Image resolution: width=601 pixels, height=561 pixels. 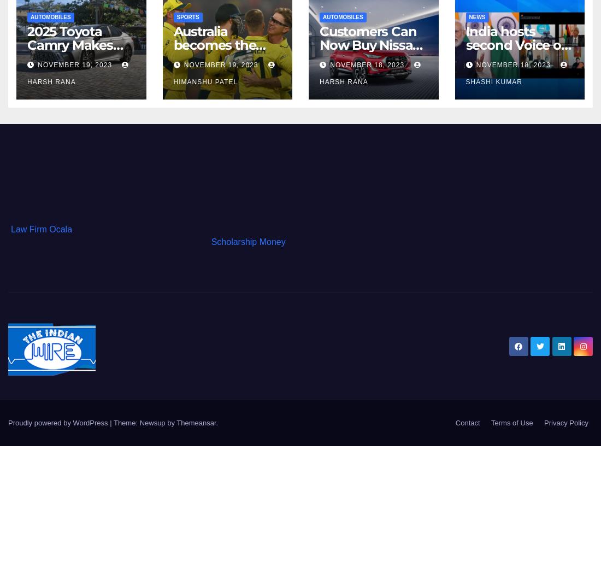 What do you see at coordinates (42, 229) in the screenshot?
I see `'Law Firm Ocala'` at bounding box center [42, 229].